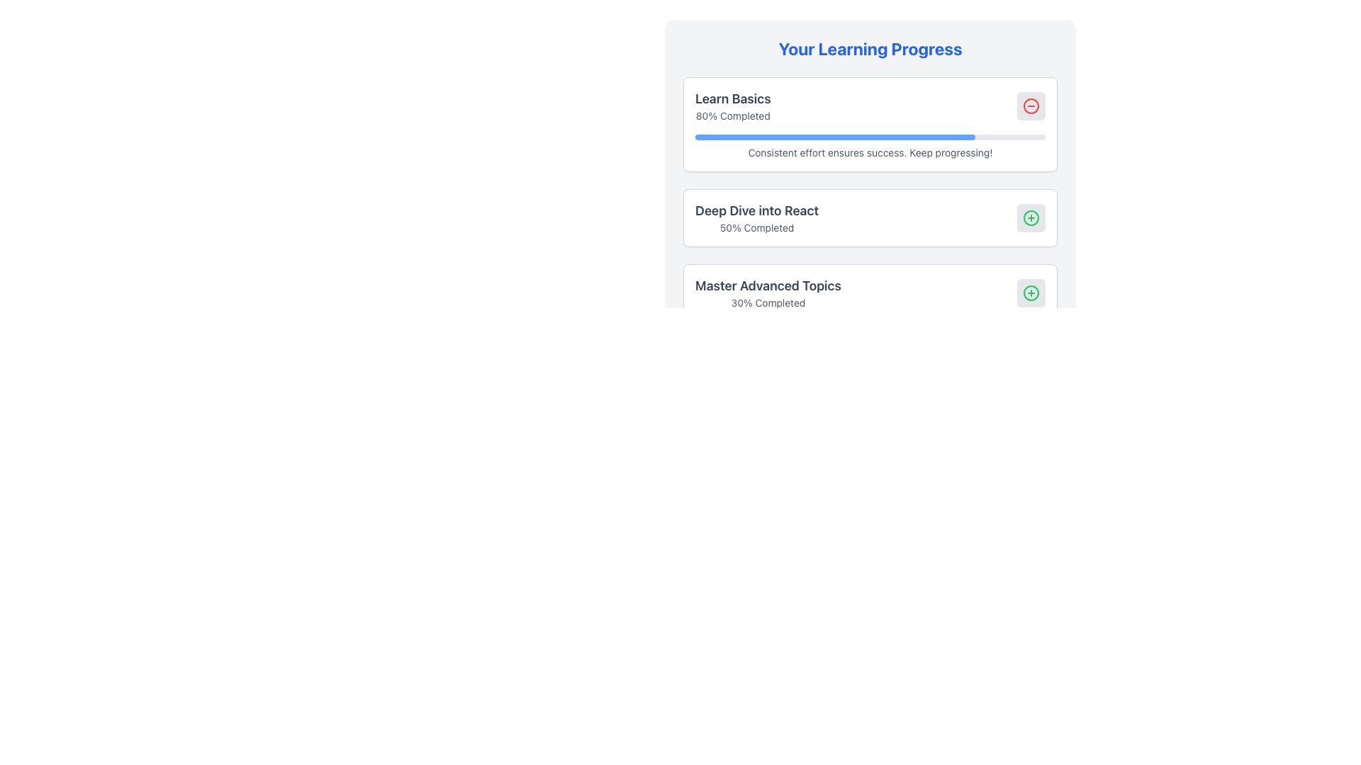 The height and width of the screenshot is (765, 1361). I want to click on the Header text element, which serves as the title introducing the user's learning progress content, located at the top of the layout, so click(870, 48).